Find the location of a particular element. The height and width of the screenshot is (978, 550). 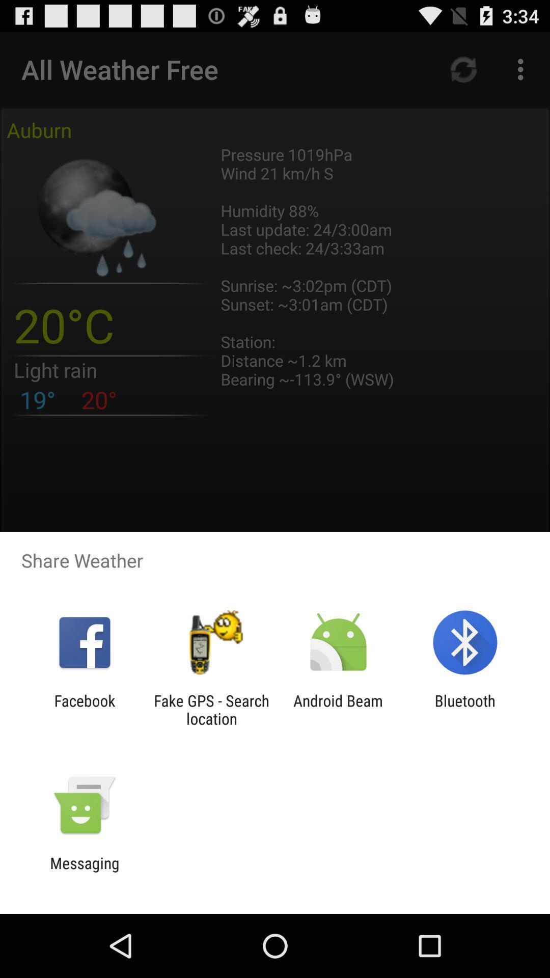

the bluetooth item is located at coordinates (465, 709).